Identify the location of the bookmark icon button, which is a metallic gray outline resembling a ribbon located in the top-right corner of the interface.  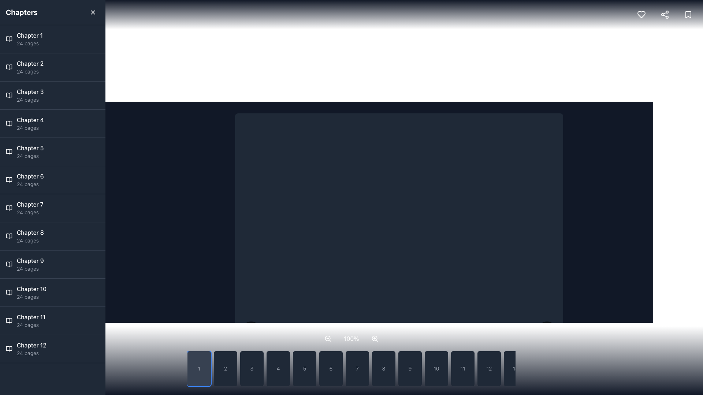
(688, 14).